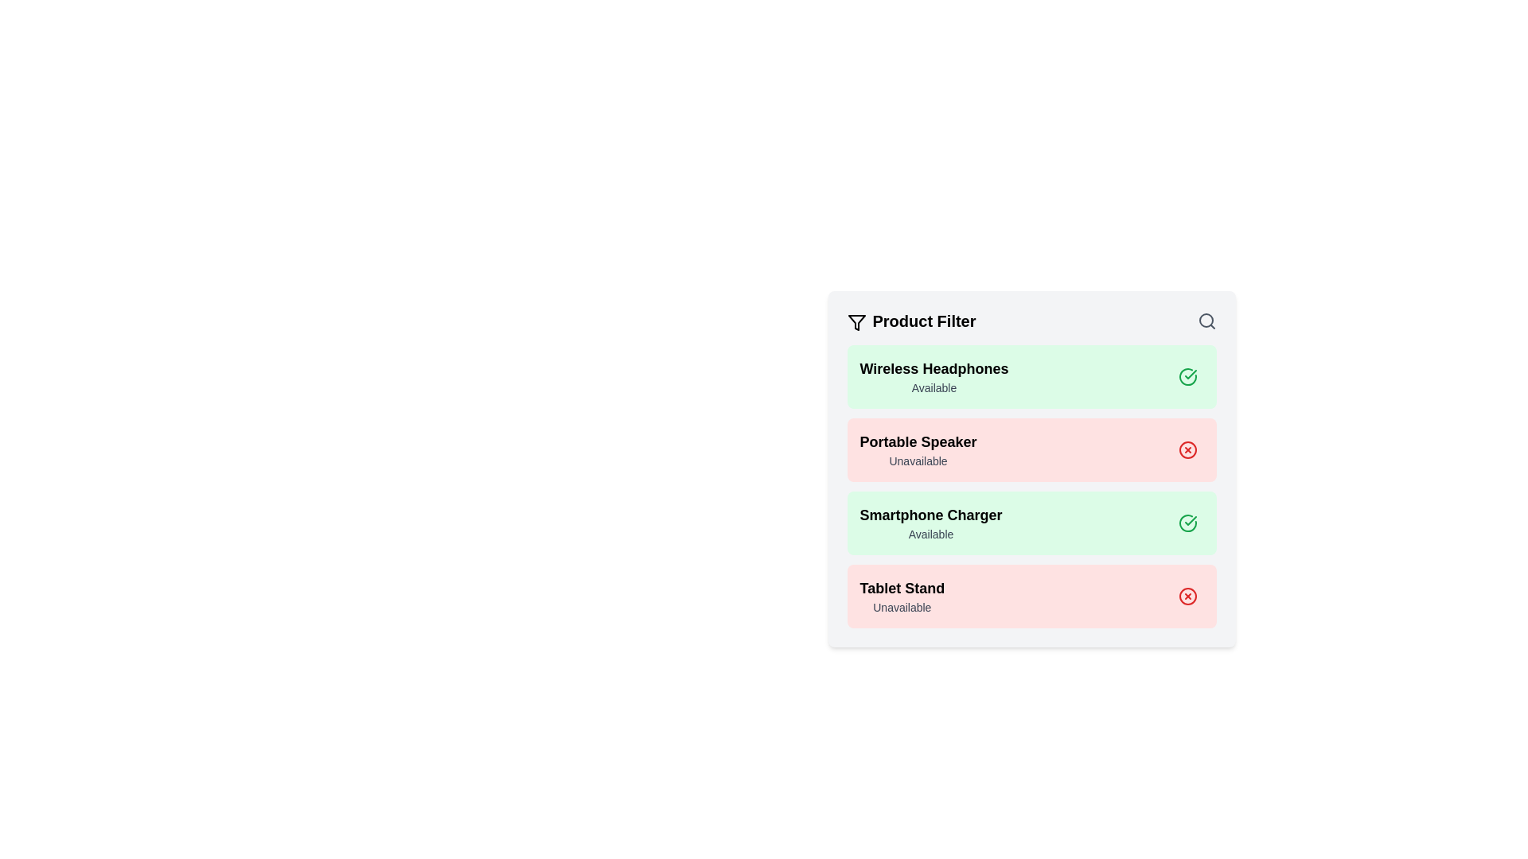 The image size is (1528, 859). What do you see at coordinates (1206, 321) in the screenshot?
I see `the search icon located at the far right of the 'Product Filter' section header` at bounding box center [1206, 321].